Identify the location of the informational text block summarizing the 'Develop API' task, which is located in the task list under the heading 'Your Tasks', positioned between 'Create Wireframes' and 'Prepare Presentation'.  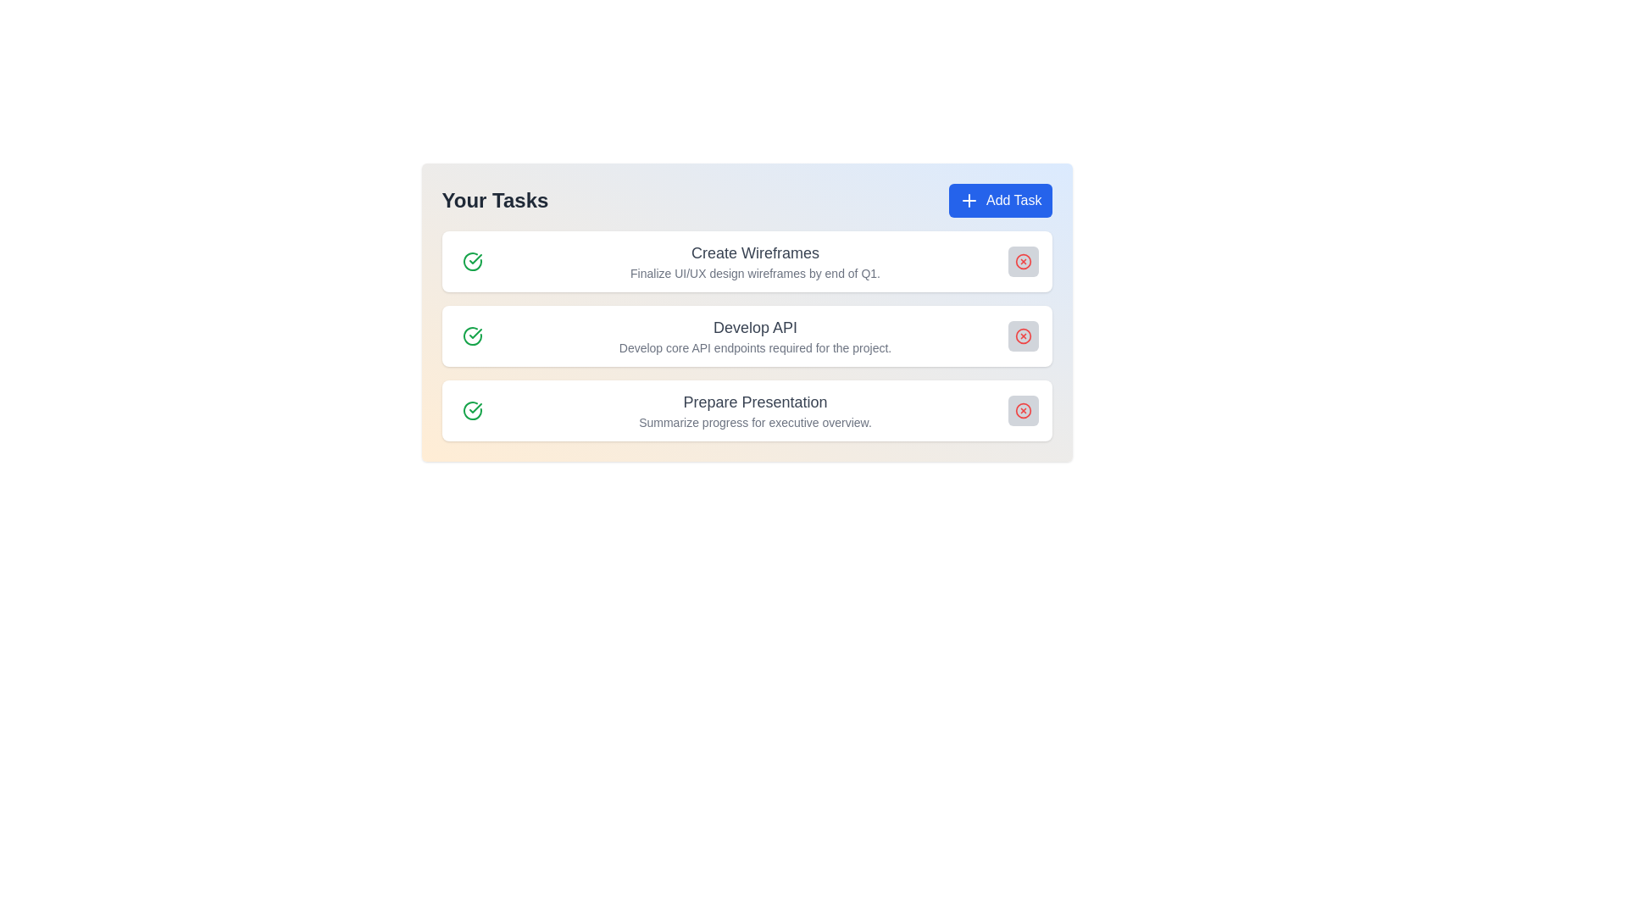
(746, 336).